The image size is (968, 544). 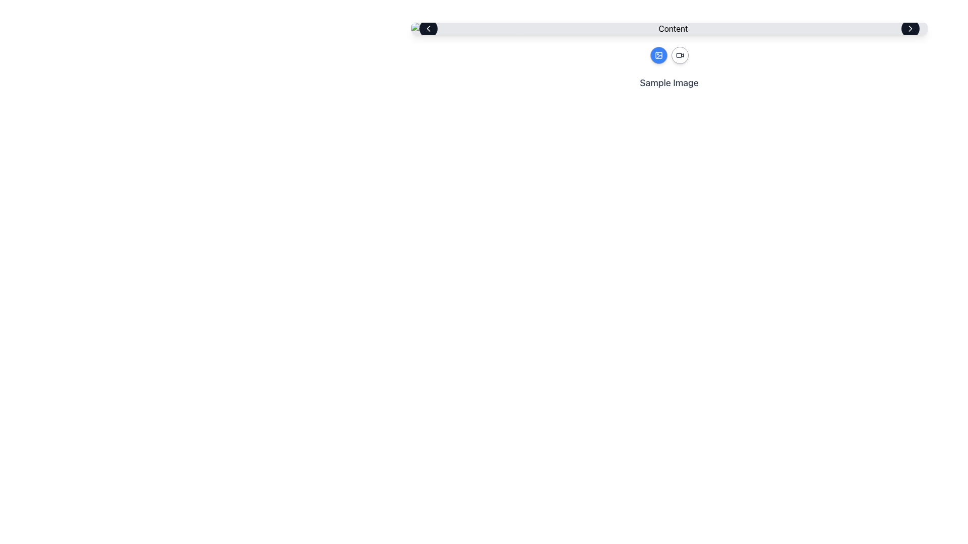 What do you see at coordinates (658, 55) in the screenshot?
I see `the first circular button located near the top-right corner of the interface` at bounding box center [658, 55].